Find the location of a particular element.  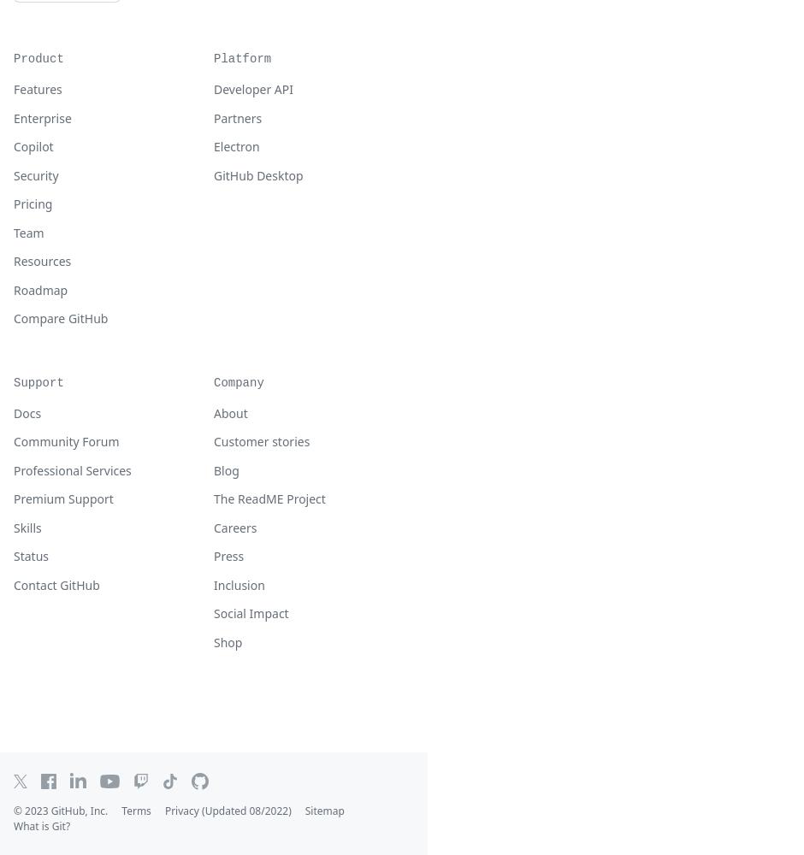

'Roadmap' is located at coordinates (13, 288).